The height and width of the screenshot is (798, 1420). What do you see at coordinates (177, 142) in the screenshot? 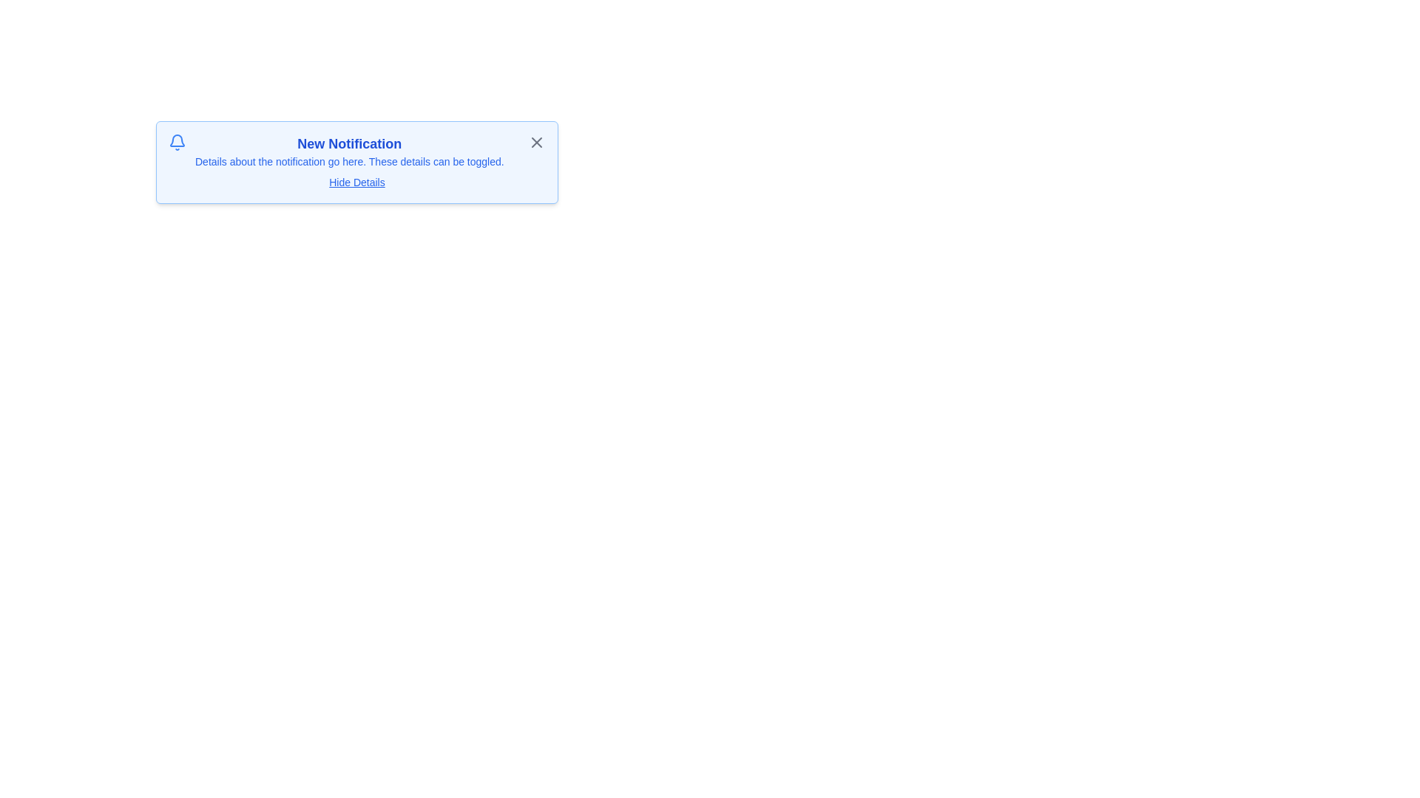
I see `the notification bell icon to trigger contextual feedback` at bounding box center [177, 142].